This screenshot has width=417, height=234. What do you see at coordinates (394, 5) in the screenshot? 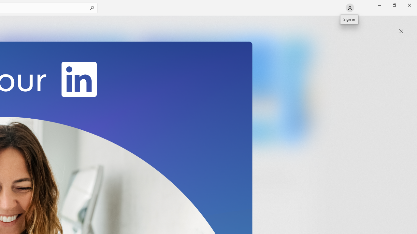
I see `'Restore Microsoft Store'` at bounding box center [394, 5].